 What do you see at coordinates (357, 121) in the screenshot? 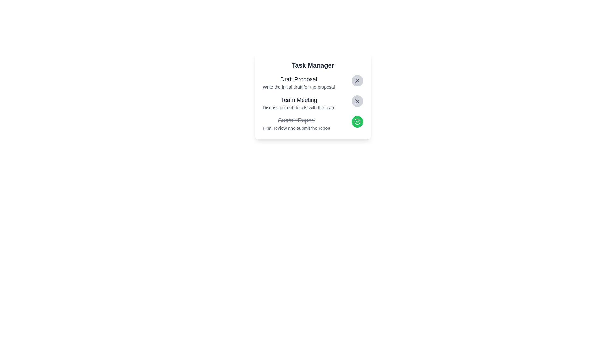
I see `the check-mark icon located in the bottom right quadrant of the card associated with the 'Submit Report' task to interact with the task` at bounding box center [357, 121].